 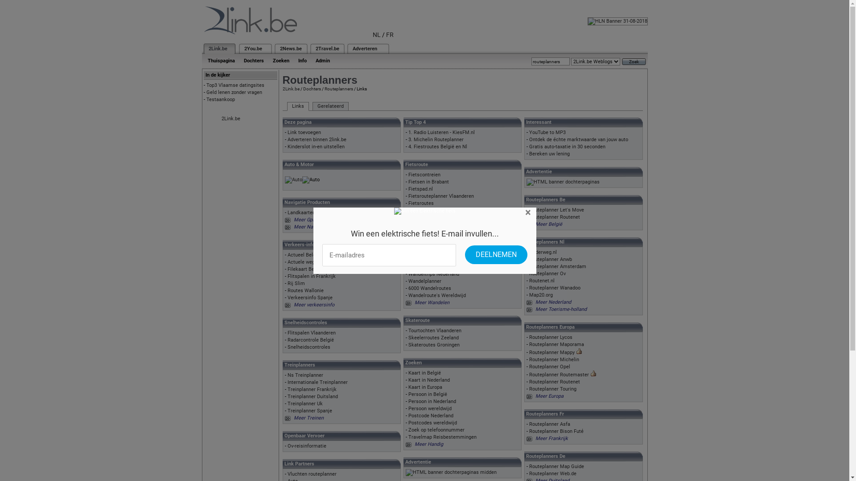 I want to click on 'Treinplanner Spanje', so click(x=287, y=411).